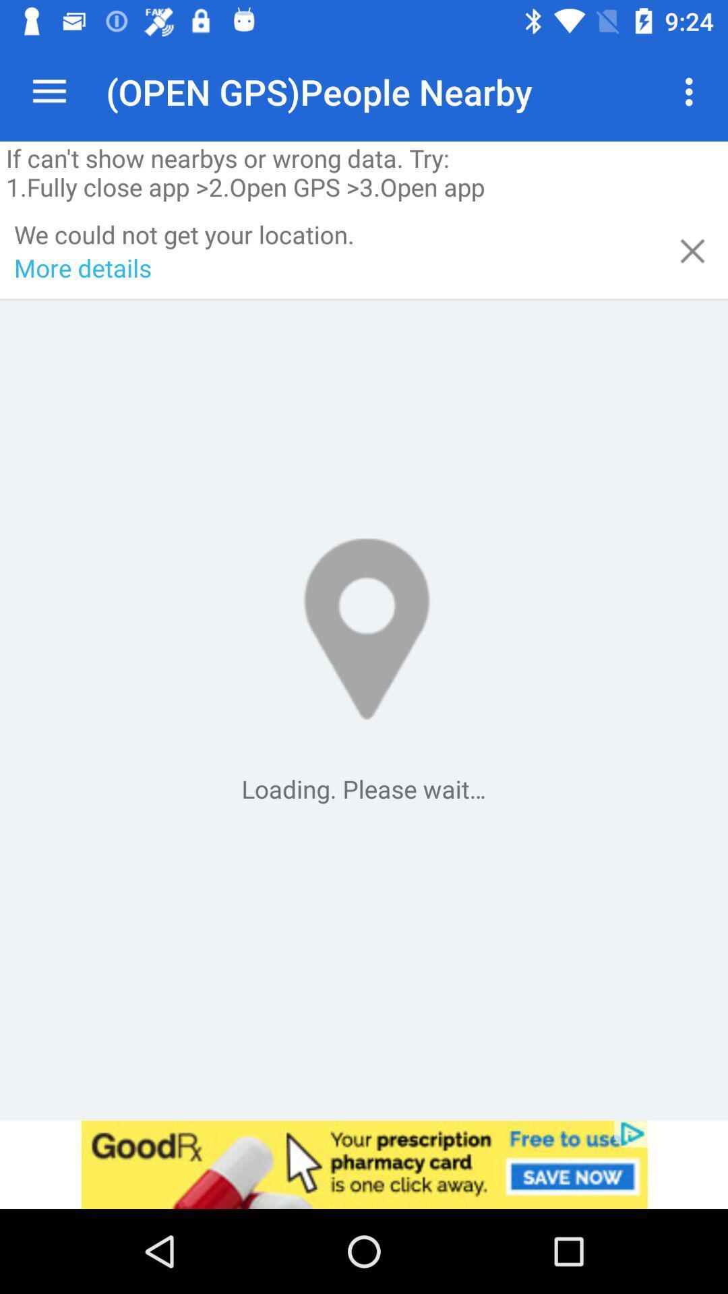 This screenshot has height=1294, width=728. I want to click on the location, so click(692, 251).